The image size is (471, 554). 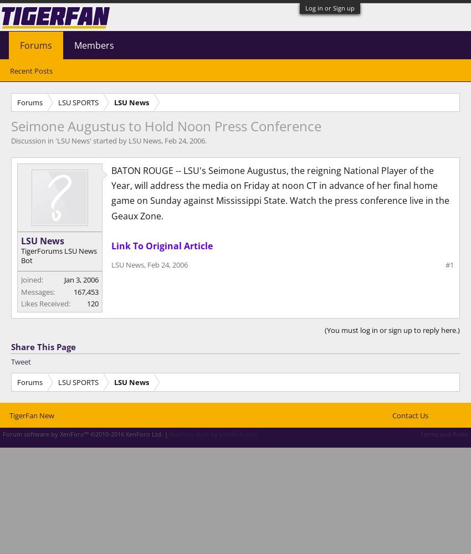 I want to click on 'Link To Original Article', so click(x=161, y=245).